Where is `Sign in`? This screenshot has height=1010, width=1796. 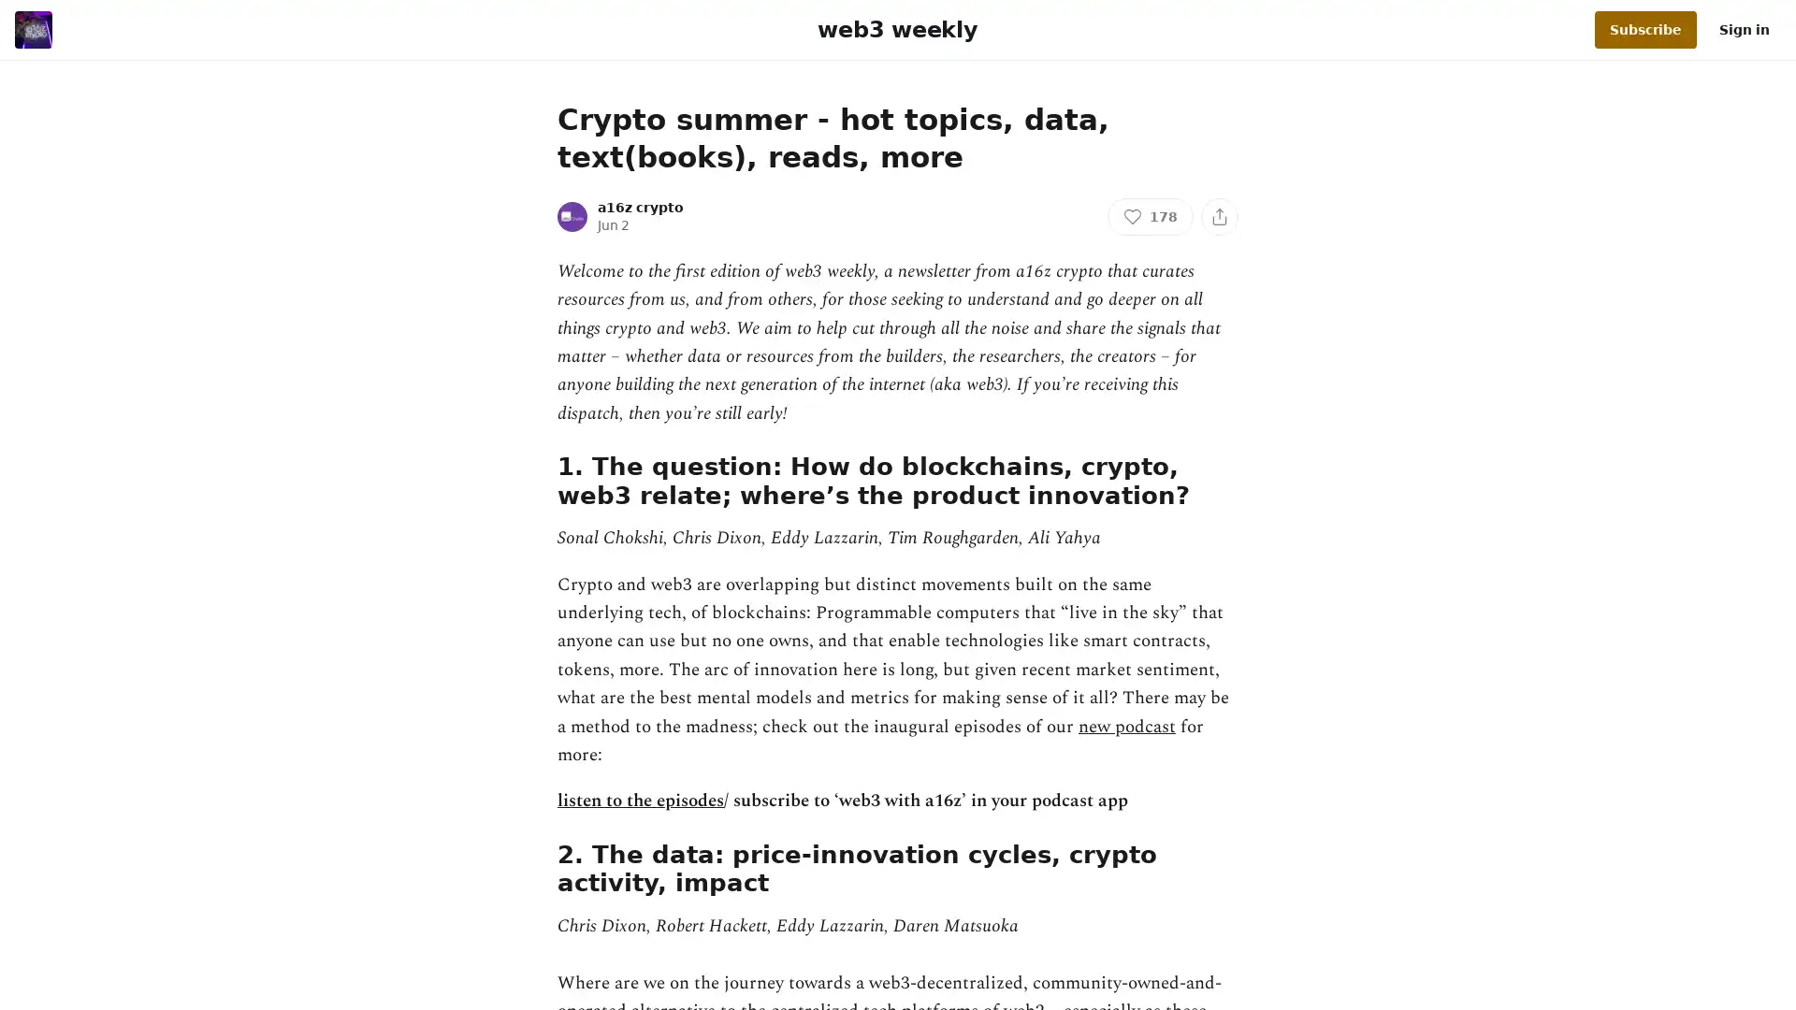
Sign in is located at coordinates (1744, 29).